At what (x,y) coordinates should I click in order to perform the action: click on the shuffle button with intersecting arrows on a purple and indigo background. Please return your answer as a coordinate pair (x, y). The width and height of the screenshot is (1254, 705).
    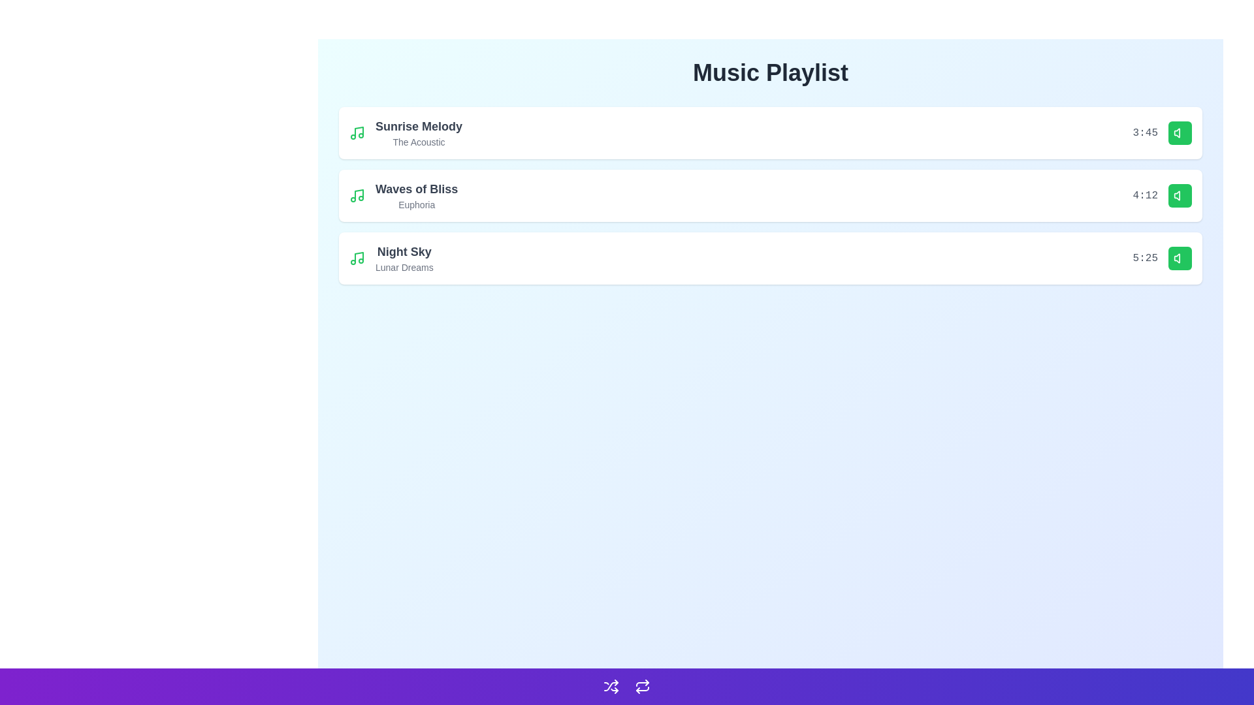
    Looking at the image, I should click on (611, 686).